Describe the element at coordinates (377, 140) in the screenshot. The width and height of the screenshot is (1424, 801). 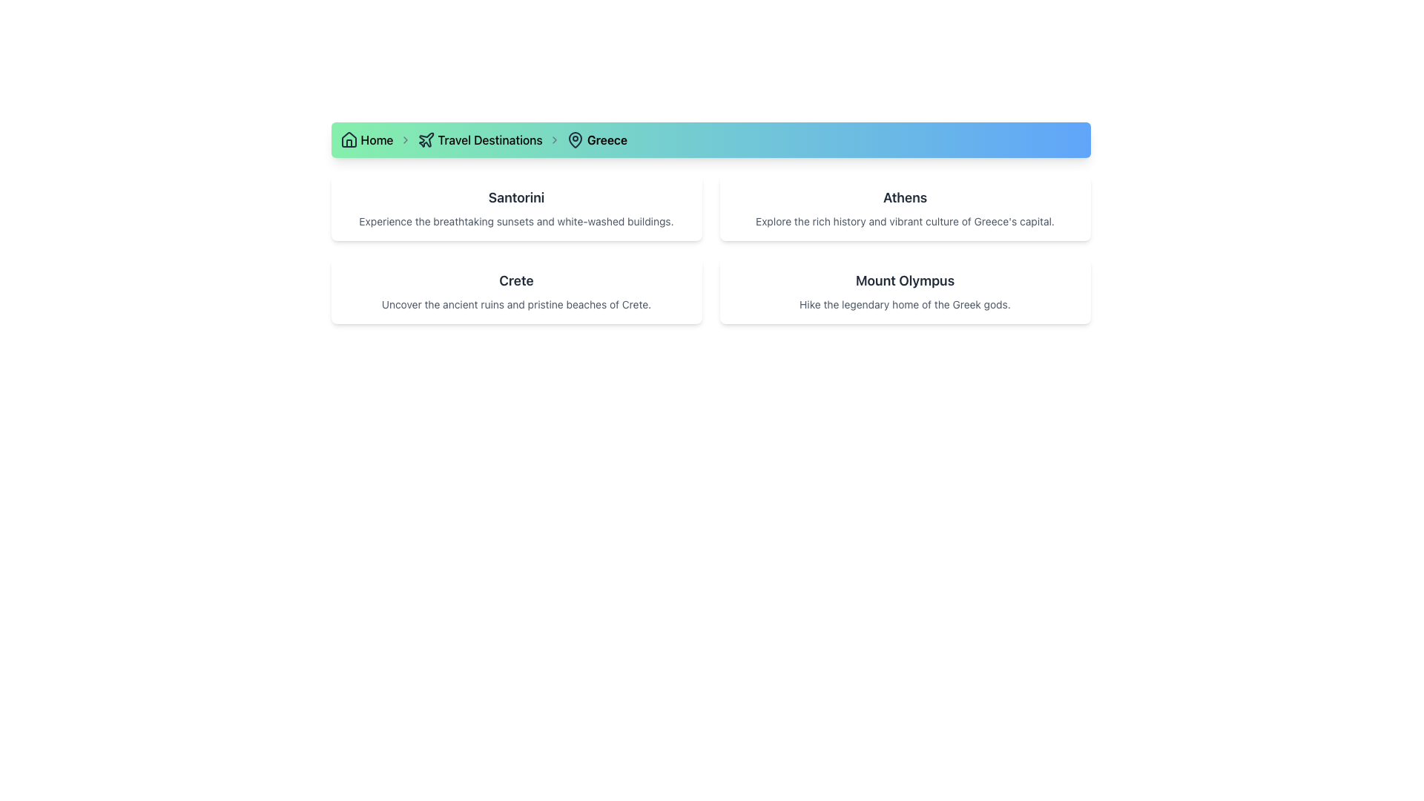
I see `label 'Home' in the breadcrumb navigation bar, which indicates the Home section of the application` at that location.